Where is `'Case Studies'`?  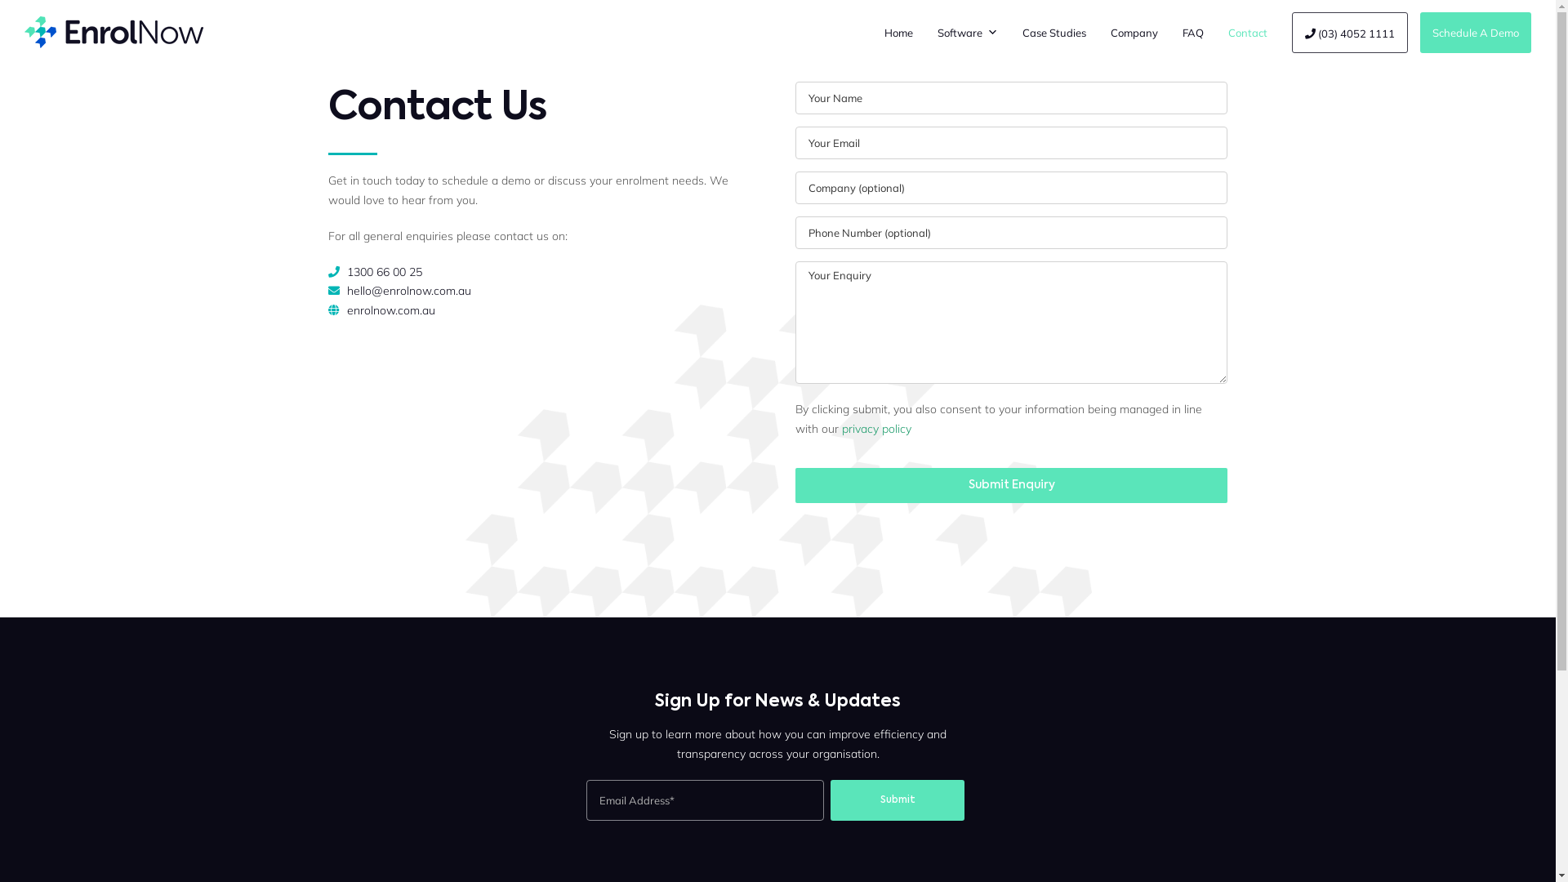
'Case Studies' is located at coordinates (1054, 32).